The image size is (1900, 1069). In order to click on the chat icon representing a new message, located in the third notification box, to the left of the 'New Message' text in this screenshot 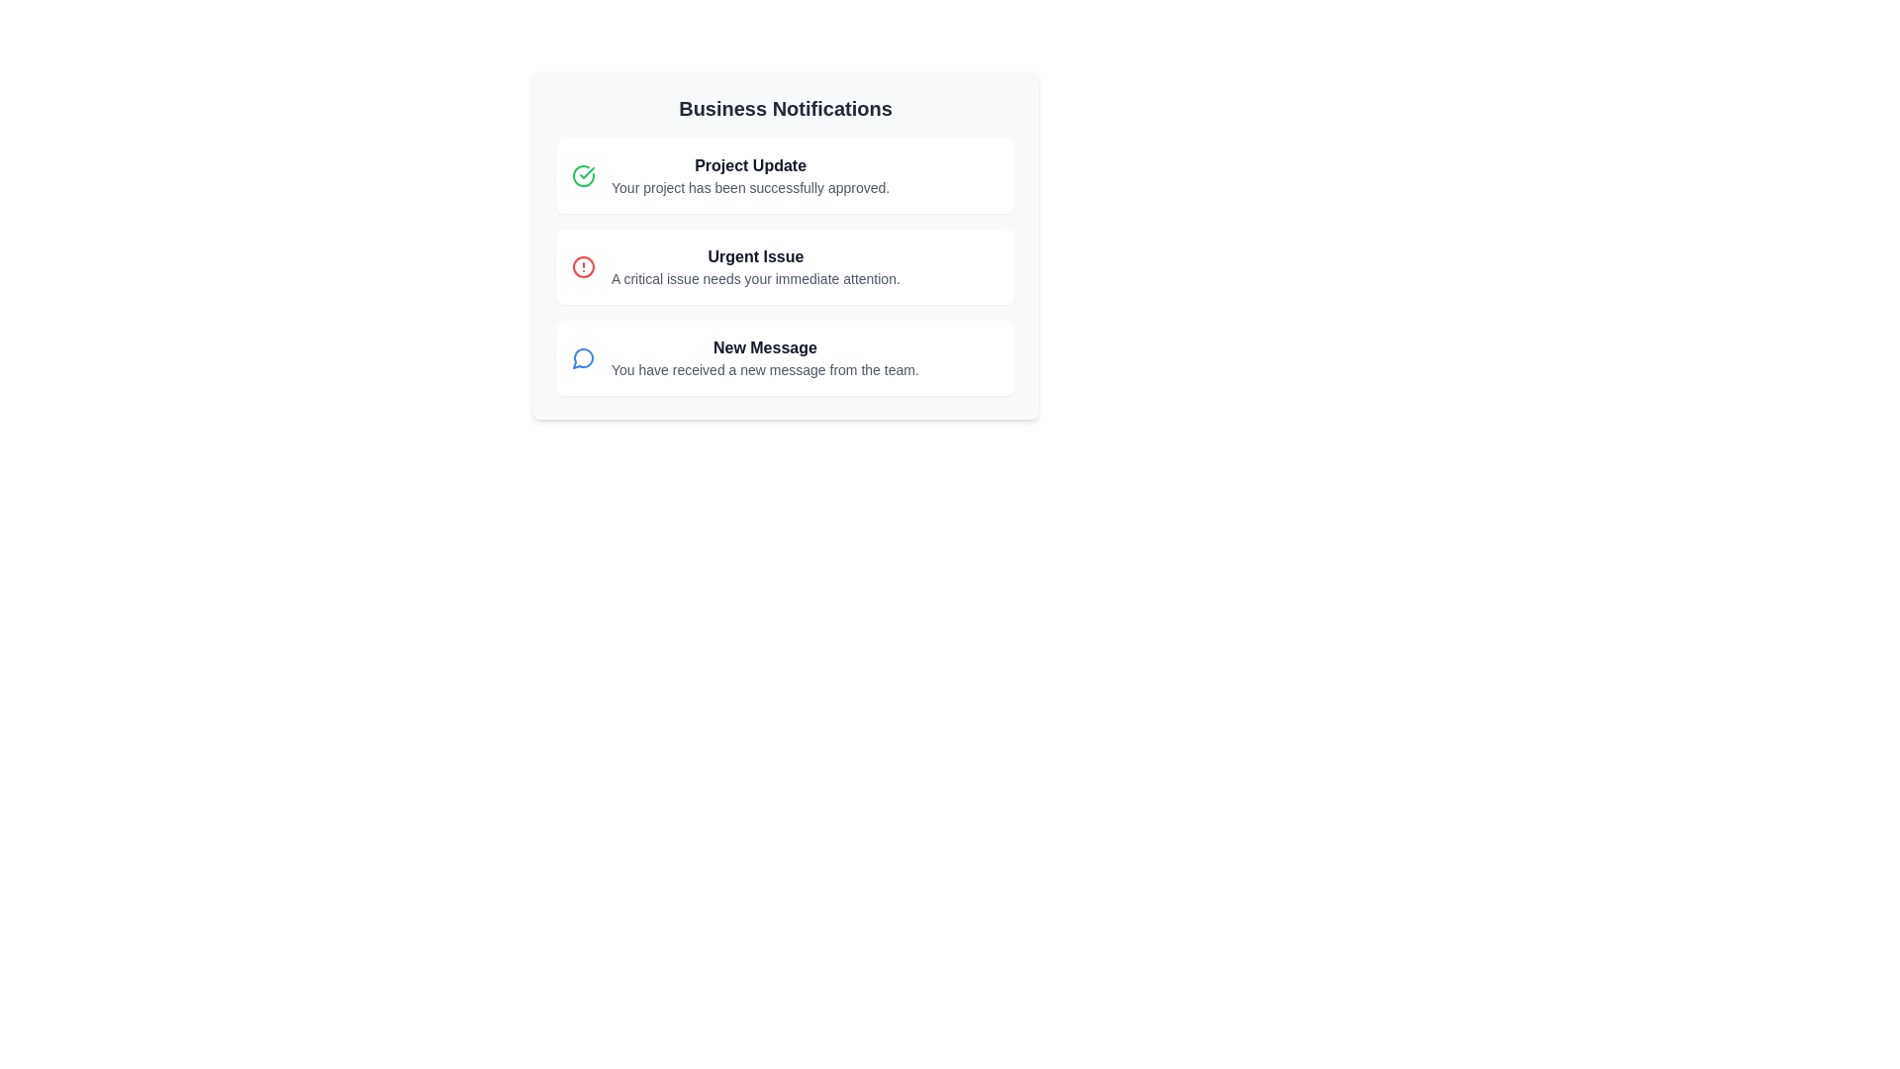, I will do `click(583, 358)`.